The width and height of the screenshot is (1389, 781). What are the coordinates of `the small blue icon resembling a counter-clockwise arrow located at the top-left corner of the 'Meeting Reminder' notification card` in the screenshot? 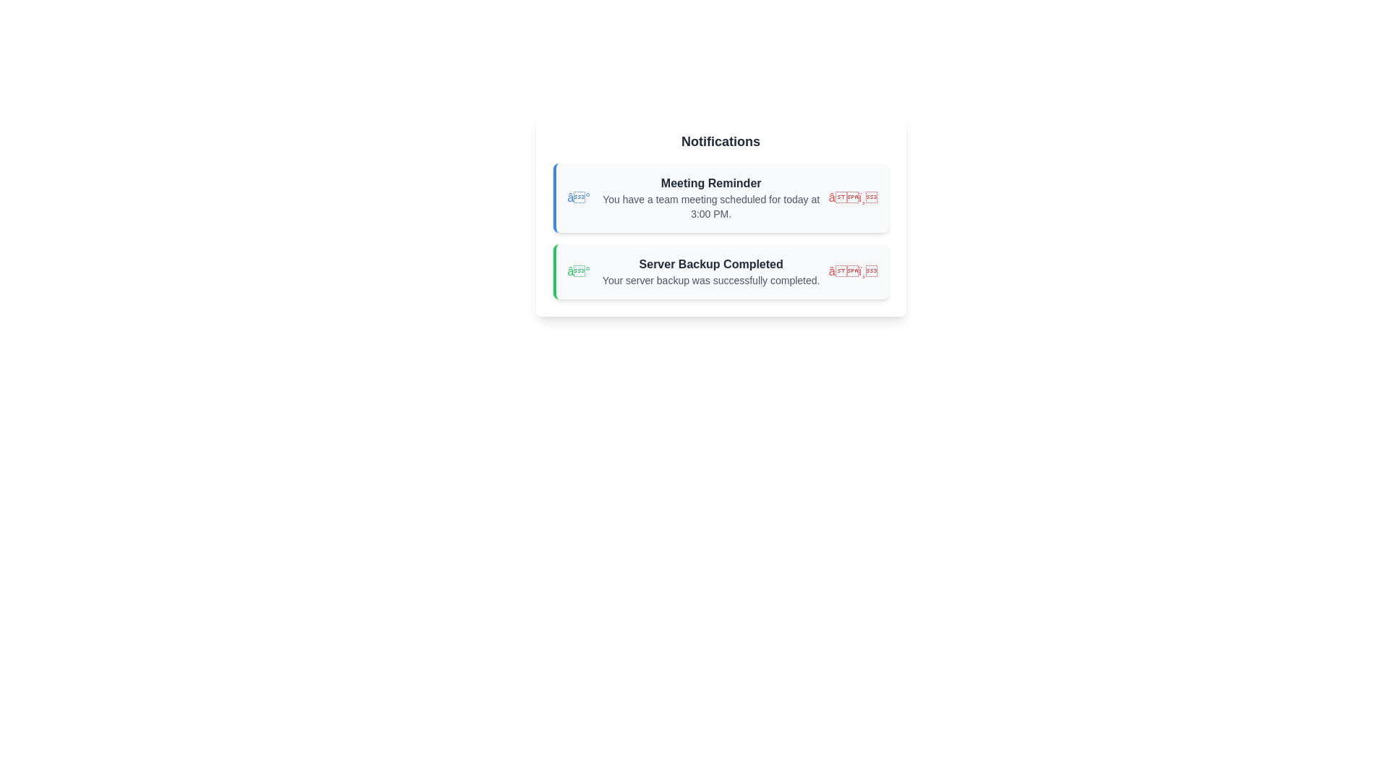 It's located at (575, 197).